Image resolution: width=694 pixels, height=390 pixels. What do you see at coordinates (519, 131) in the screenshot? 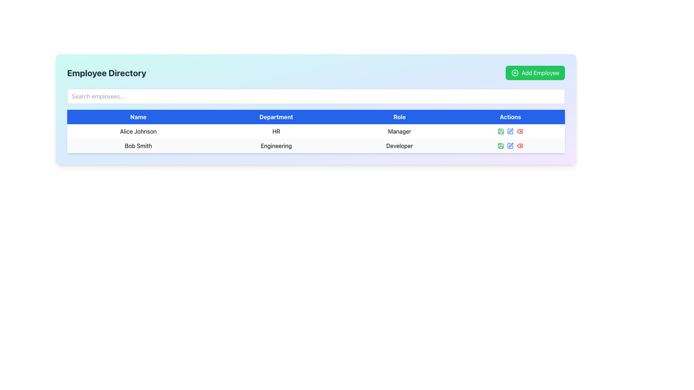
I see `the small red trash can icon with a red cross in the 'Actions' column for the employee 'Bob Smith'` at bounding box center [519, 131].